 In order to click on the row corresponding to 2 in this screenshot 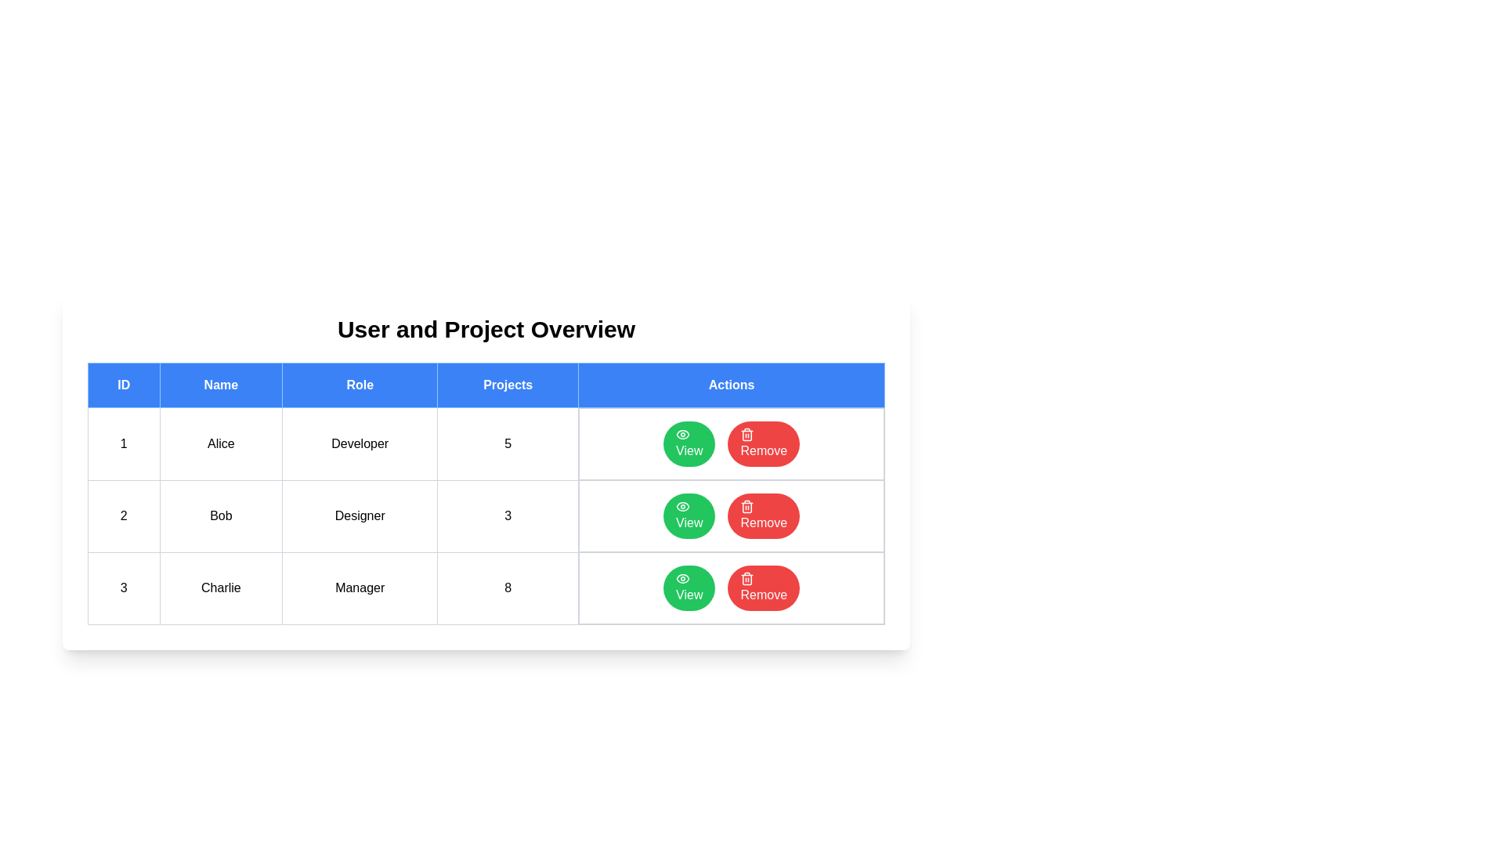, I will do `click(485, 516)`.